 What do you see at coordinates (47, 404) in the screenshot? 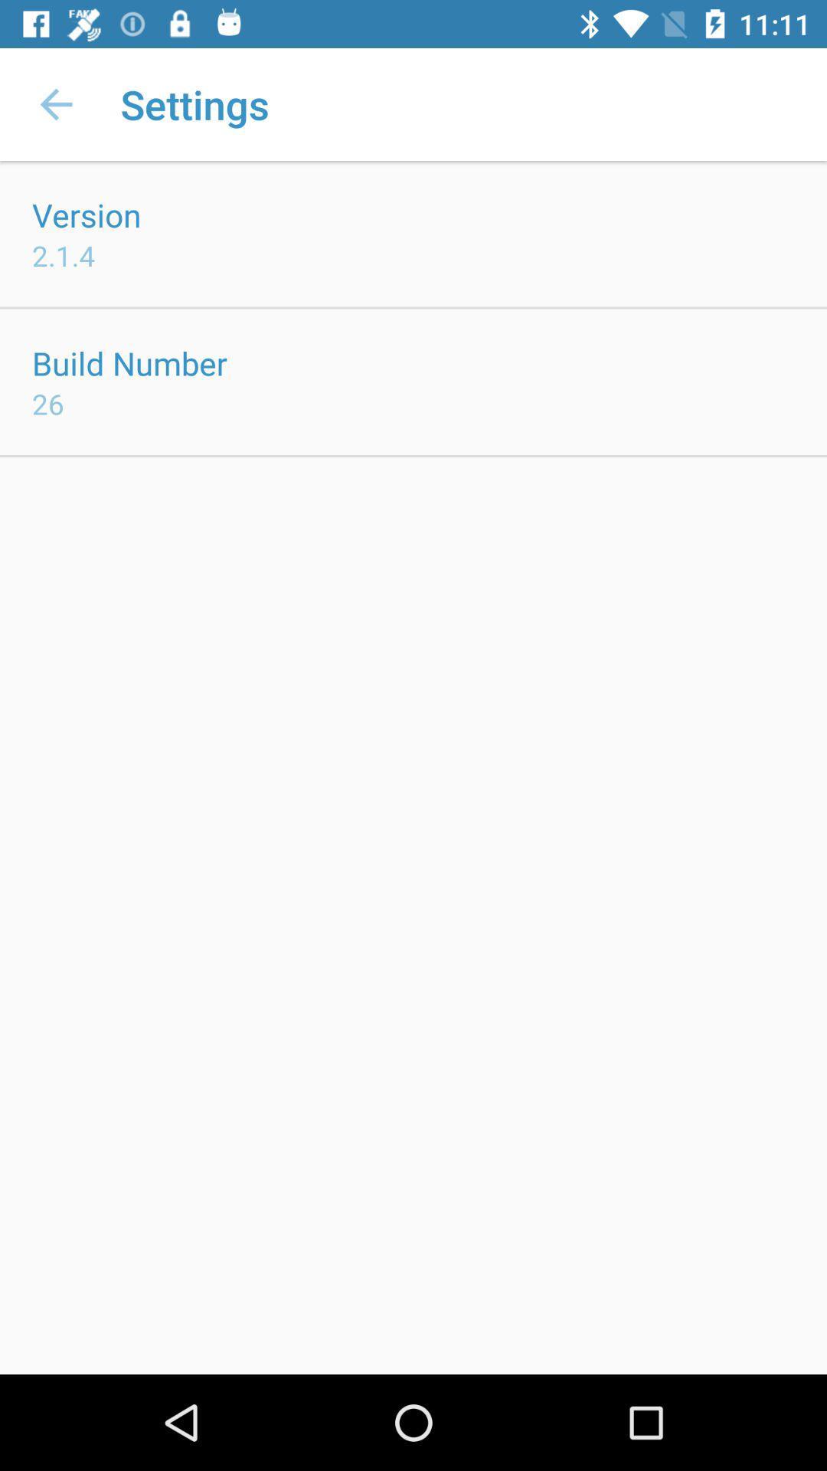
I see `the icon below the build number icon` at bounding box center [47, 404].